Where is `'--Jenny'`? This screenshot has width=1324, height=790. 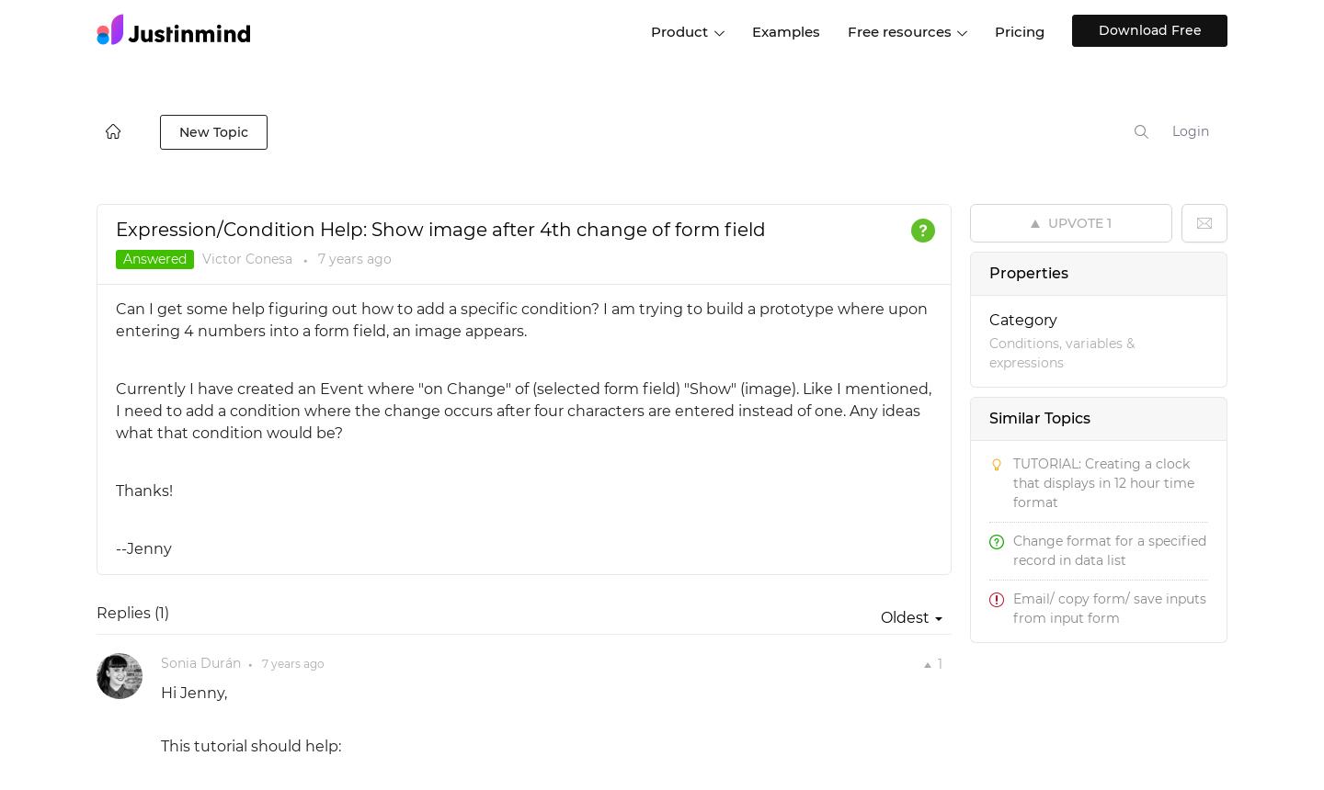
'--Jenny' is located at coordinates (114, 547).